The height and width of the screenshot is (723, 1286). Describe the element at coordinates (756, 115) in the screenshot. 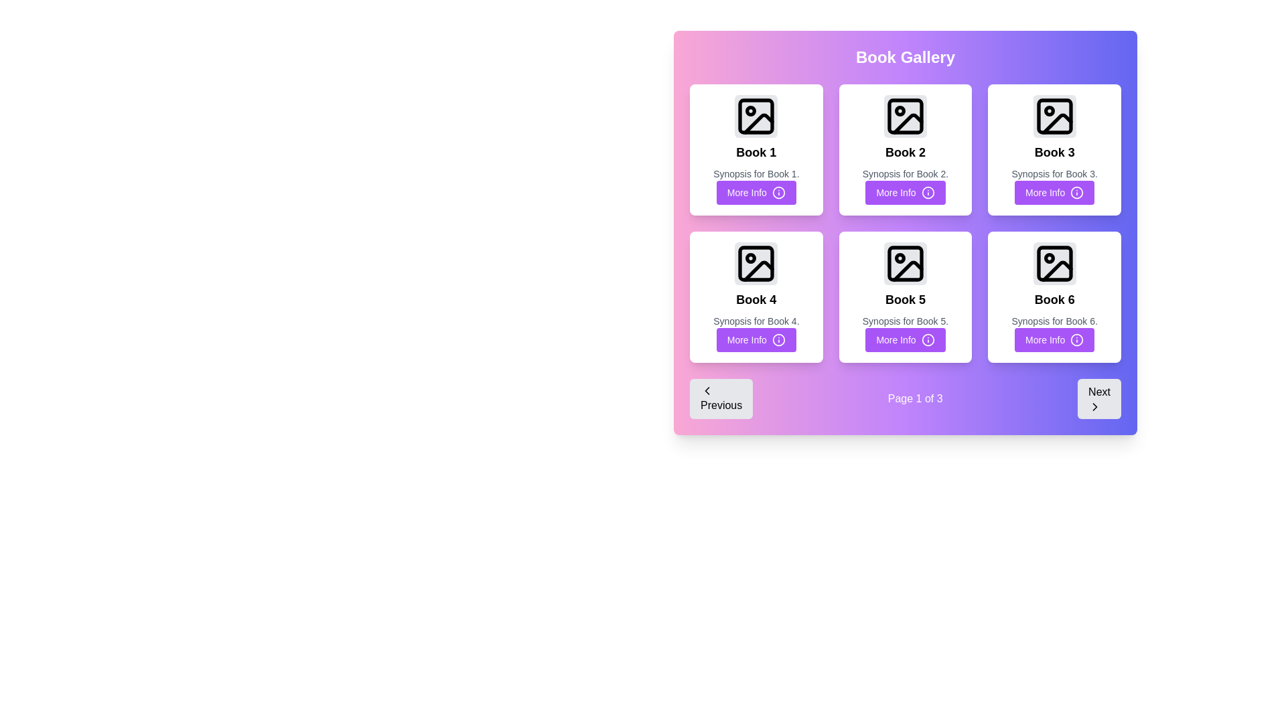

I see `the rounded square graphical decoration element that is part of the 'Book 1' thumbnail icon in the gallery` at that location.